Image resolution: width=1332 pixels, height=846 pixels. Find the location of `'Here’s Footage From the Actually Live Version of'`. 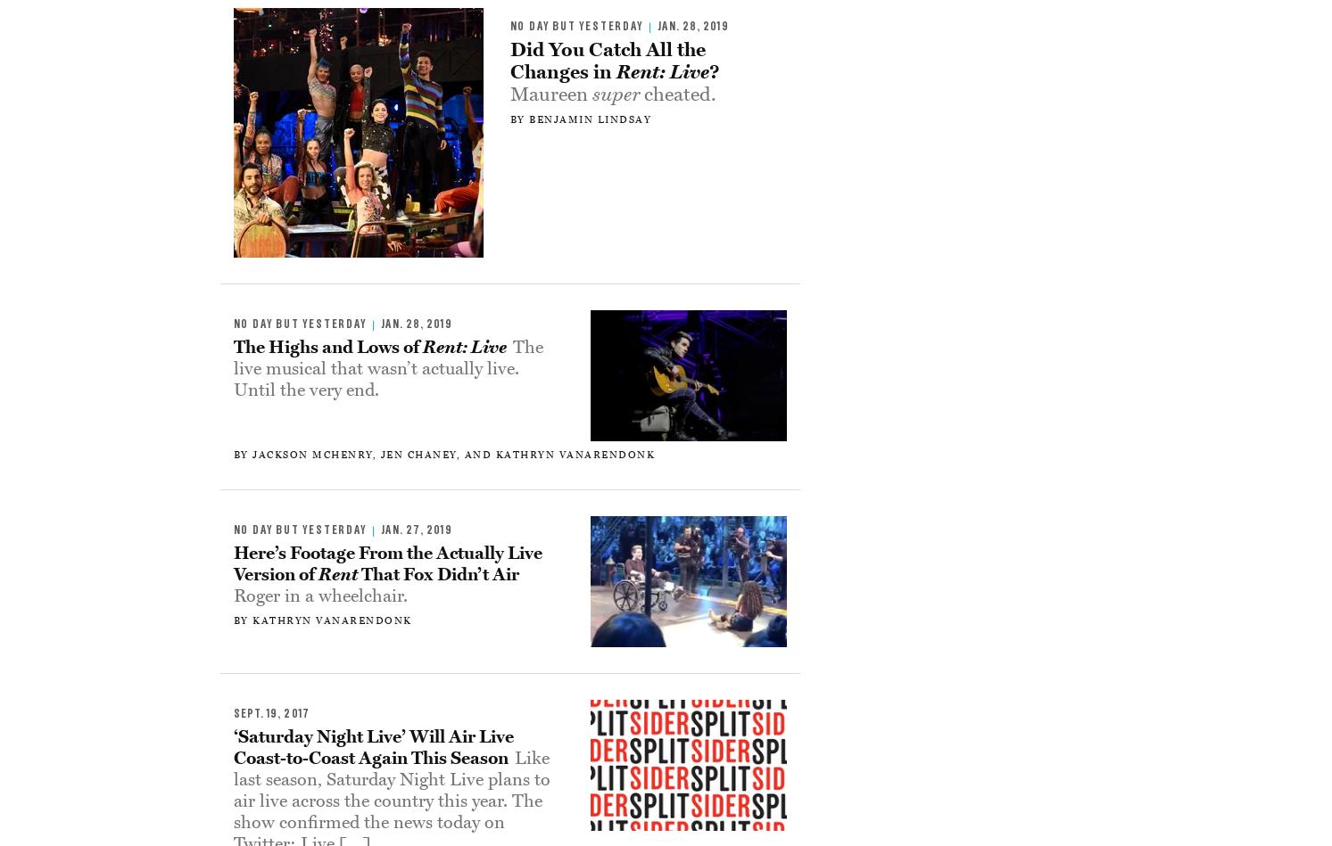

'Here’s Footage From the Actually Live Version of' is located at coordinates (232, 563).